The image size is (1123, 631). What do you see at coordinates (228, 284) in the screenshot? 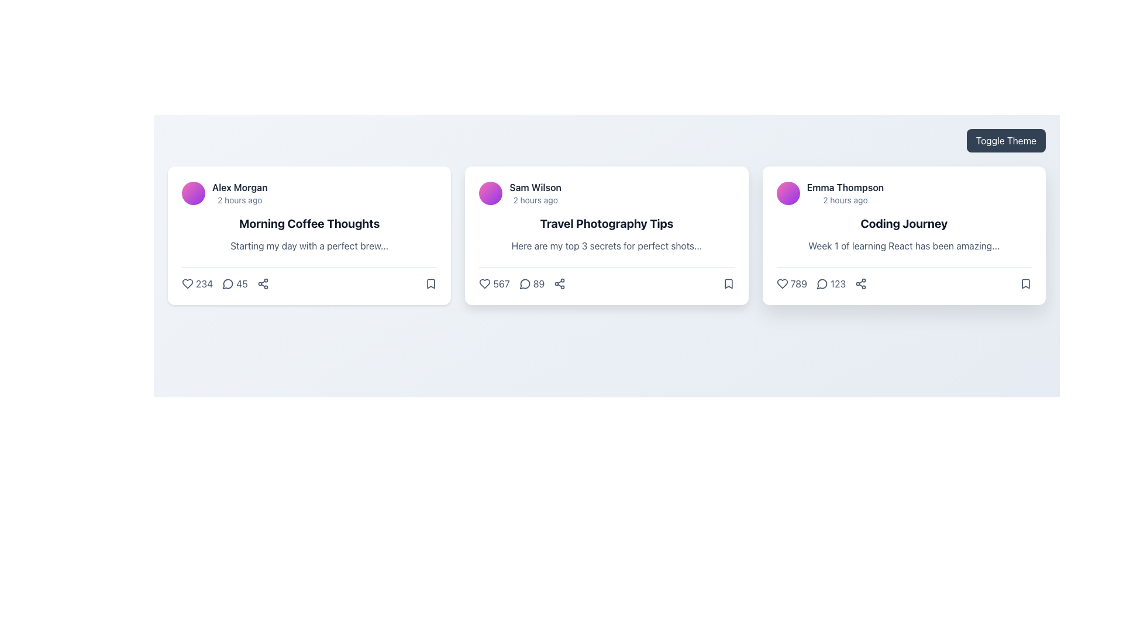
I see `the comment icon located between the like and share icons at the bottom of the 'Morning Coffee Thoughts' card` at bounding box center [228, 284].